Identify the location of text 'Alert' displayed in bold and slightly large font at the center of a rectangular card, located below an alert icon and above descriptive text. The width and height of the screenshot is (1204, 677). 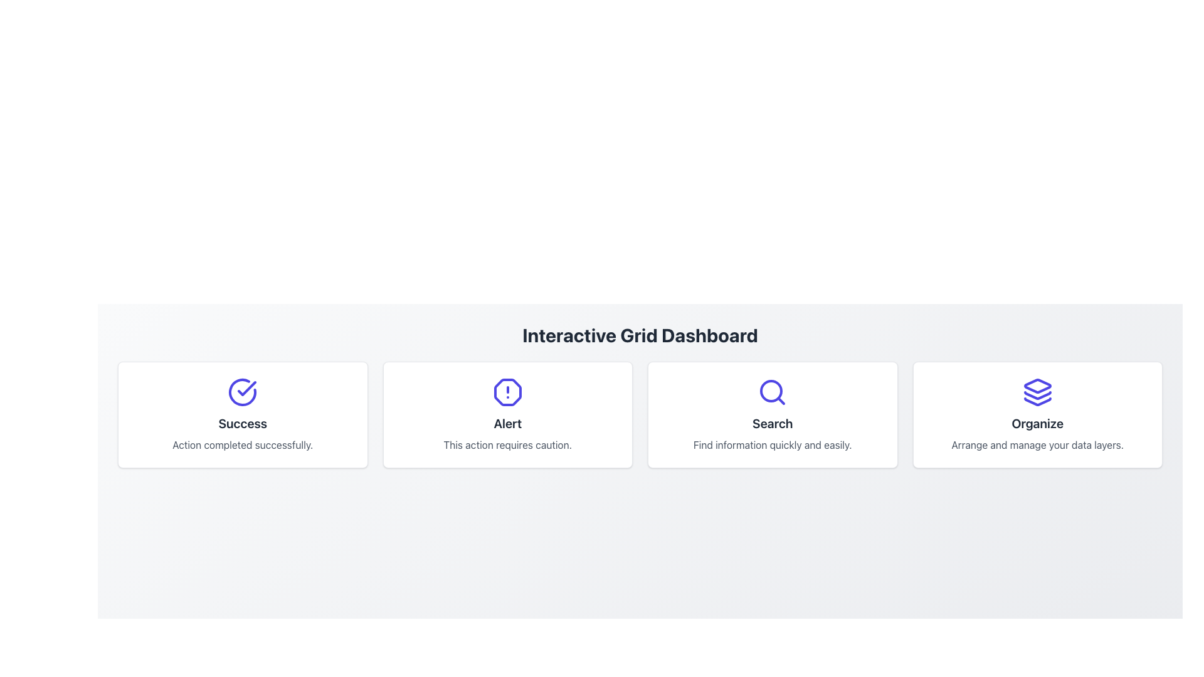
(507, 423).